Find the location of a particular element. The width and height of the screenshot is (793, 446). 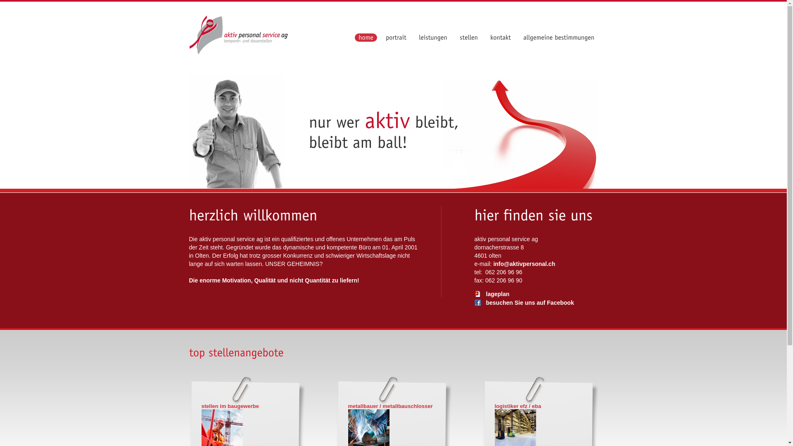

'lageplan' is located at coordinates (474, 294).